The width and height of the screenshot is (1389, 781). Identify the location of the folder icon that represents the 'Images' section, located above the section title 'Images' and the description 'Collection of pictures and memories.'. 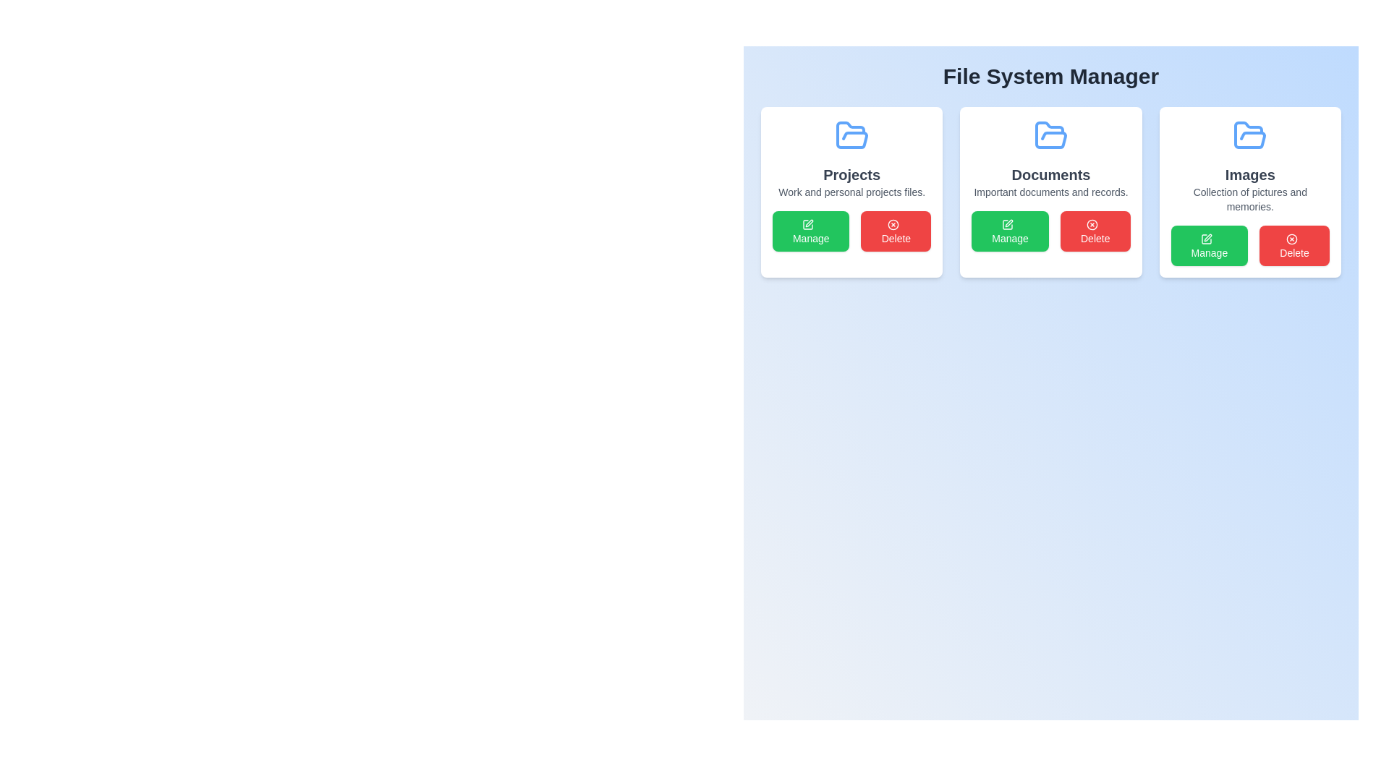
(1249, 136).